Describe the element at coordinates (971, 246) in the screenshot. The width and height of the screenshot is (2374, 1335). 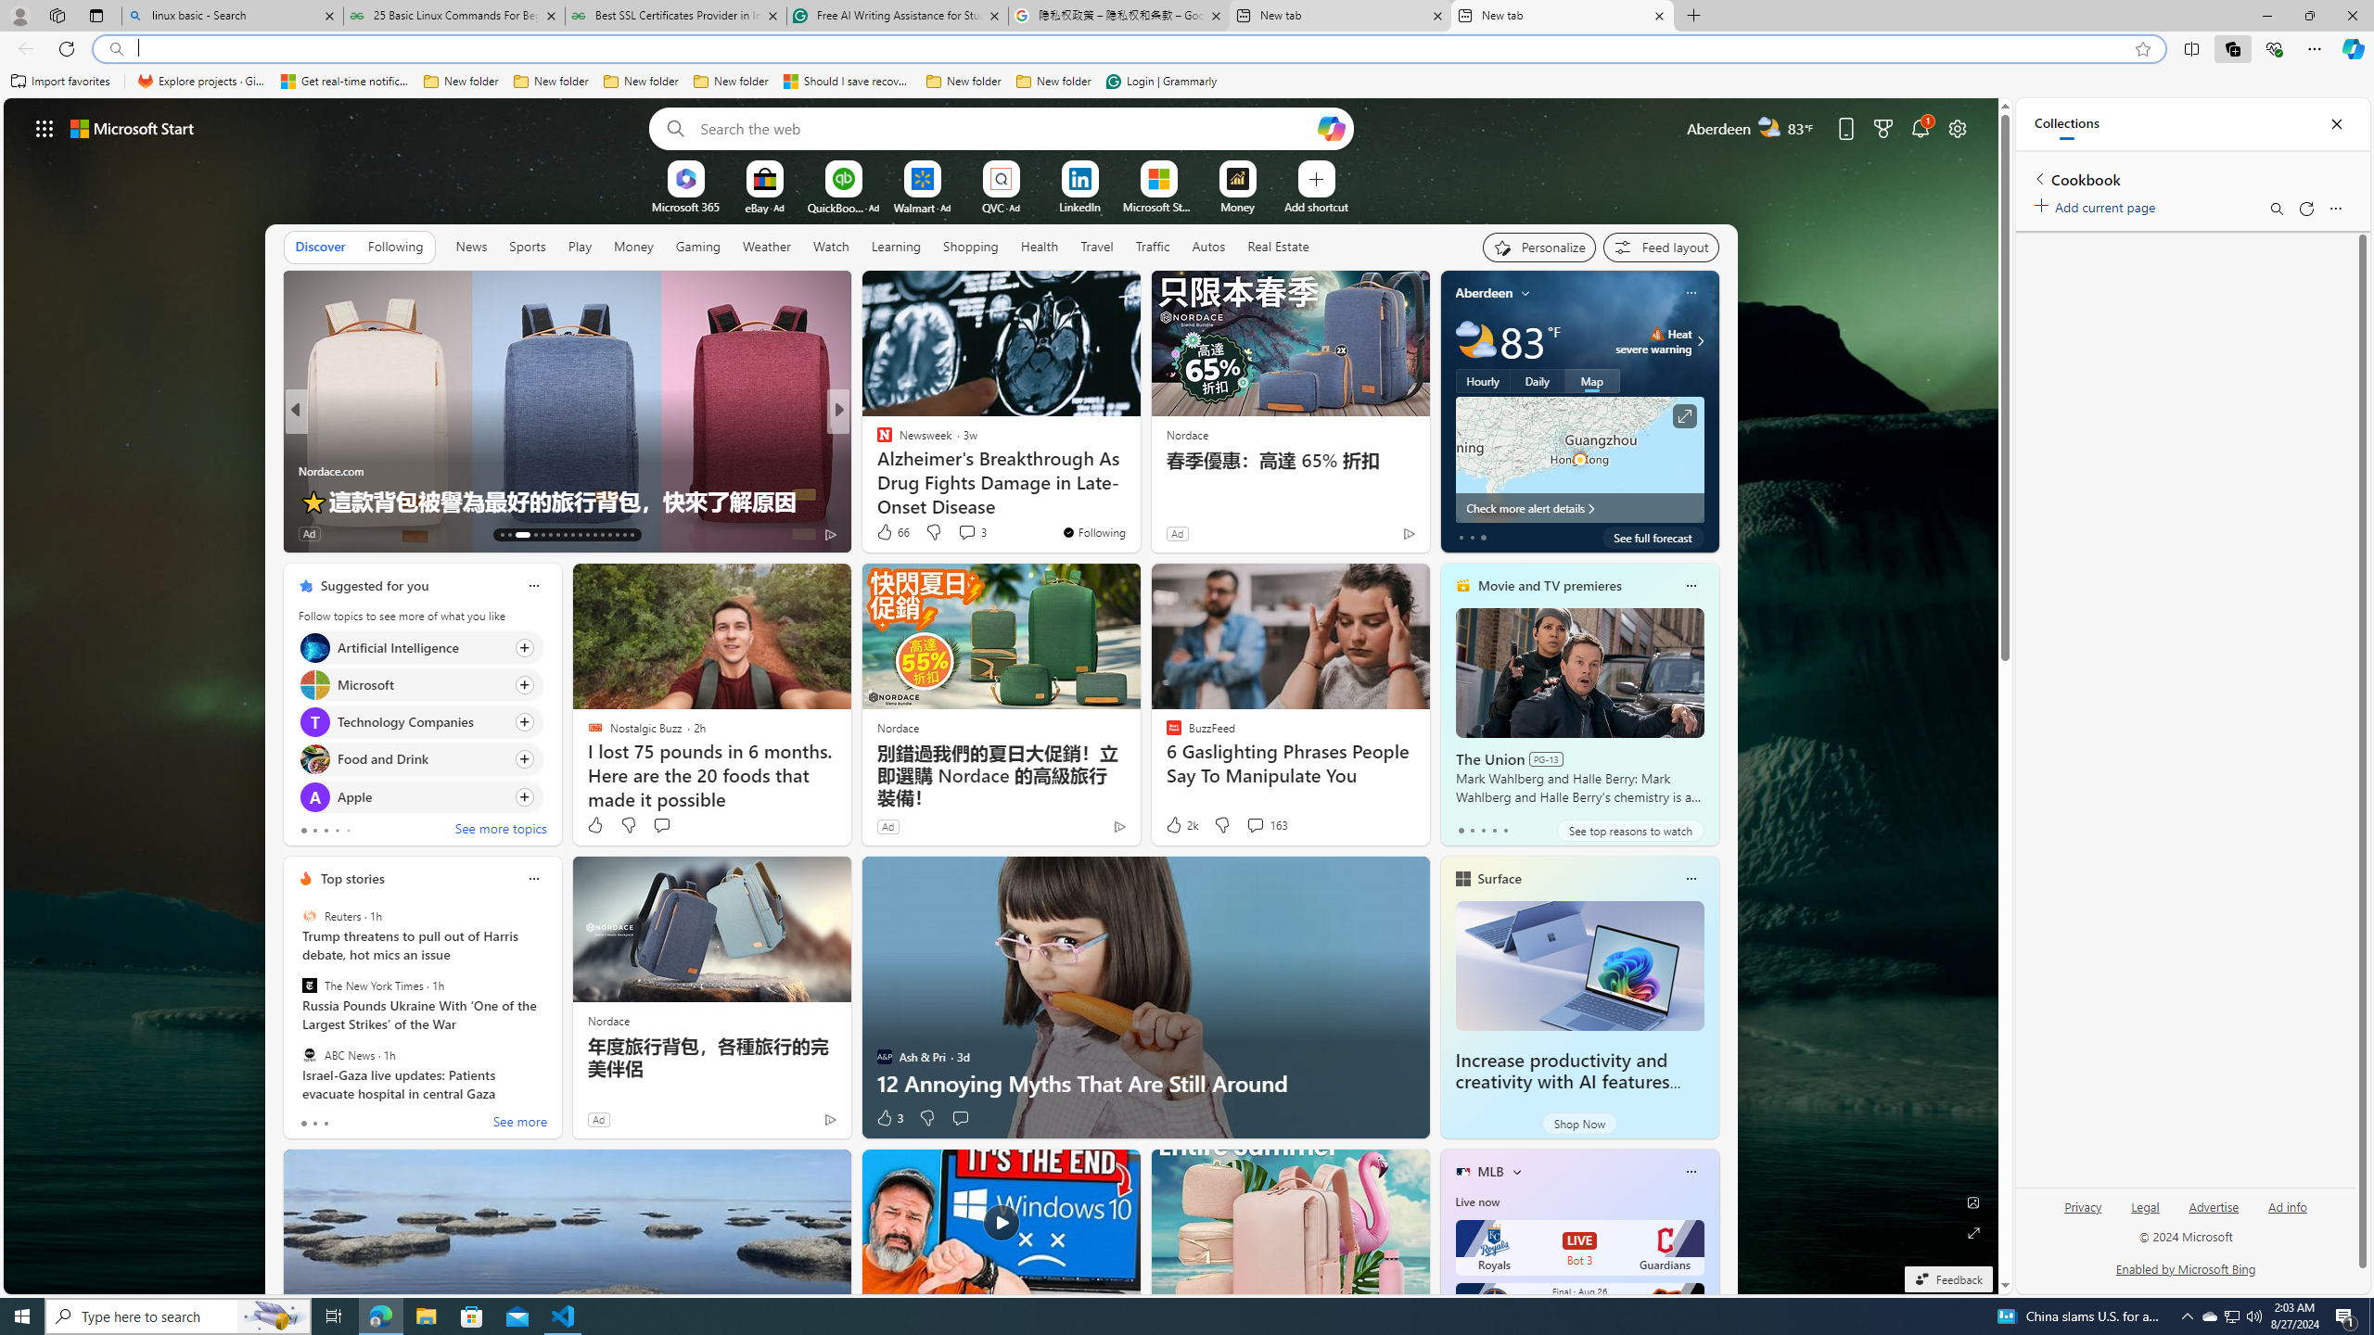
I see `'Shopping'` at that location.